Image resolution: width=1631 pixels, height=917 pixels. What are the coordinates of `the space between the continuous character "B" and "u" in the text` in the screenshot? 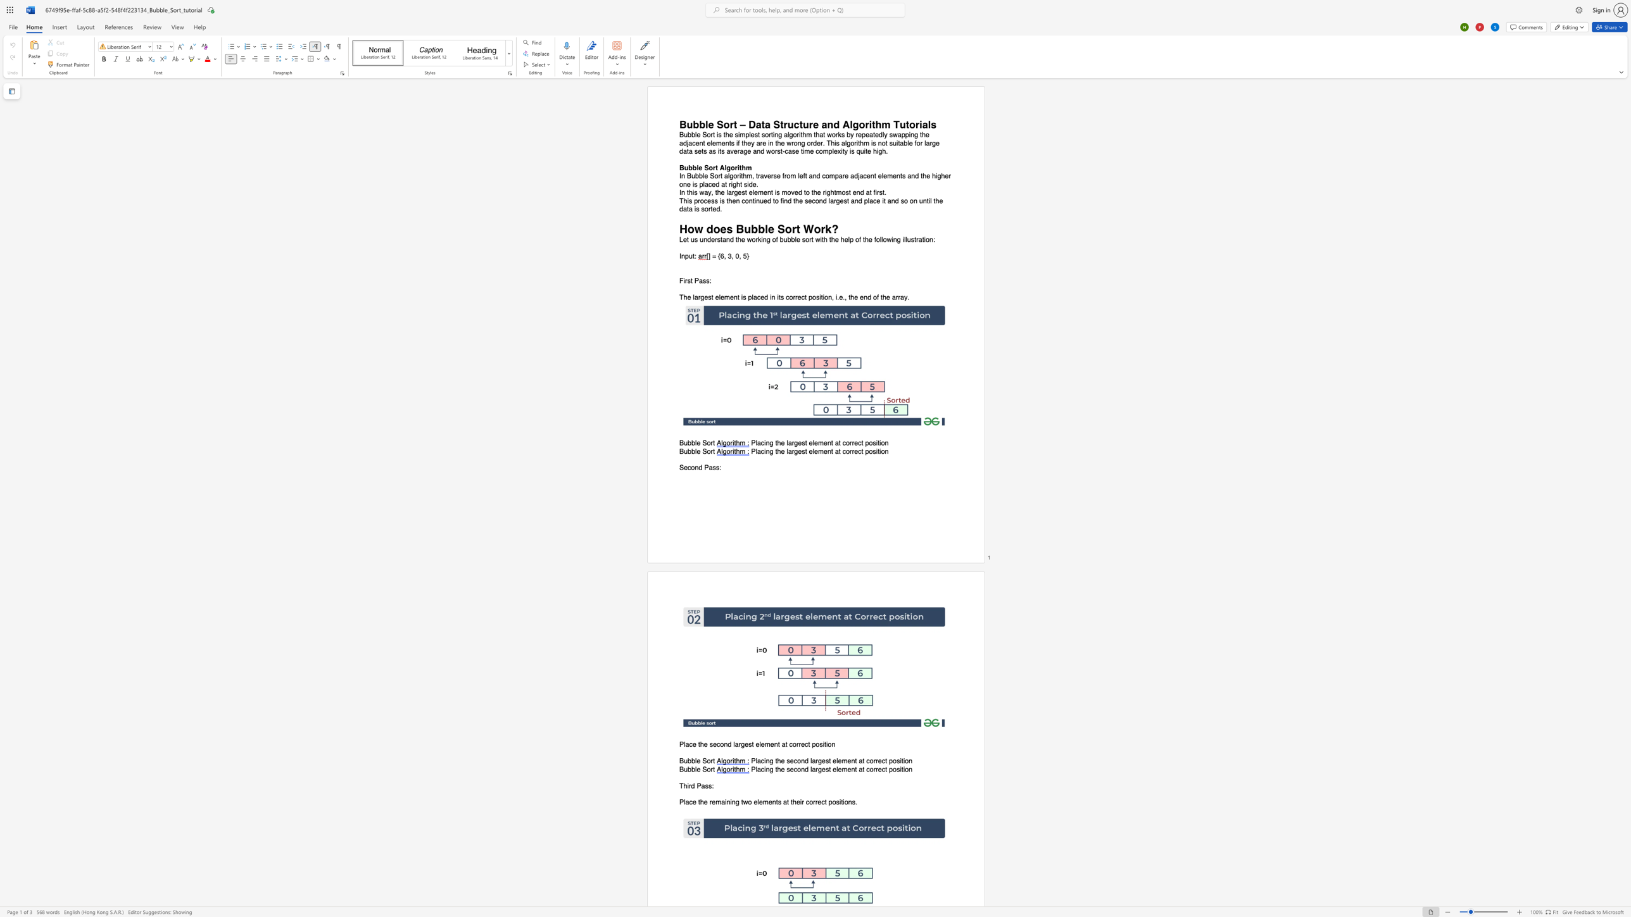 It's located at (683, 769).